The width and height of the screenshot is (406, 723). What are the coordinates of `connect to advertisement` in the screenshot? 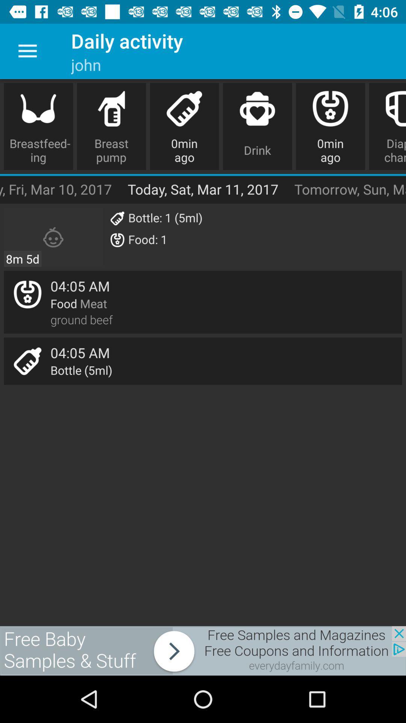 It's located at (203, 650).